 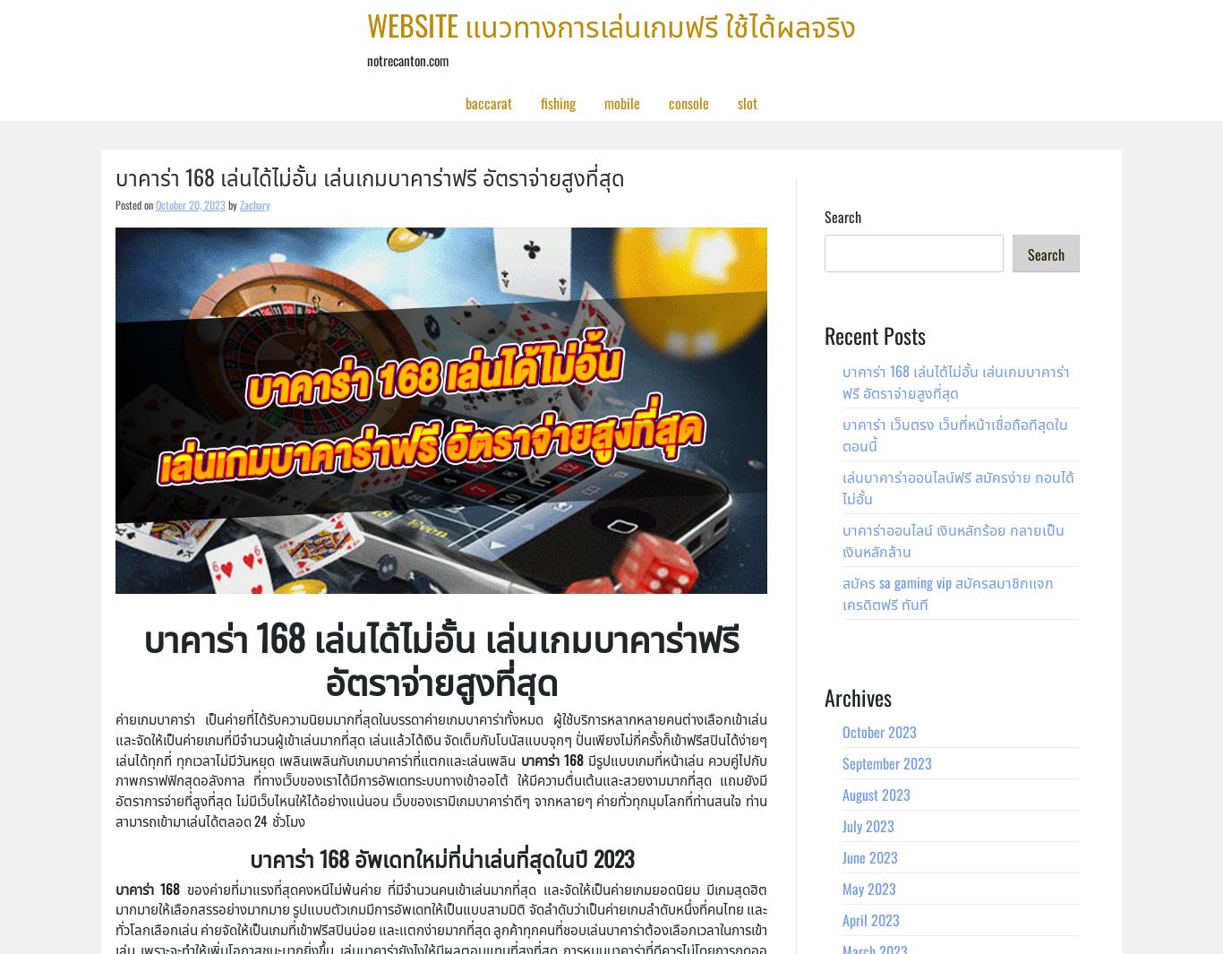 I want to click on 'April 2023', so click(x=842, y=919).